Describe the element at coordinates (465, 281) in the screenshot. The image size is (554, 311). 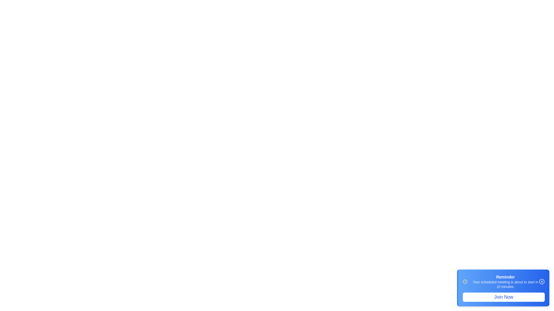
I see `the clock icon to interact with it` at that location.